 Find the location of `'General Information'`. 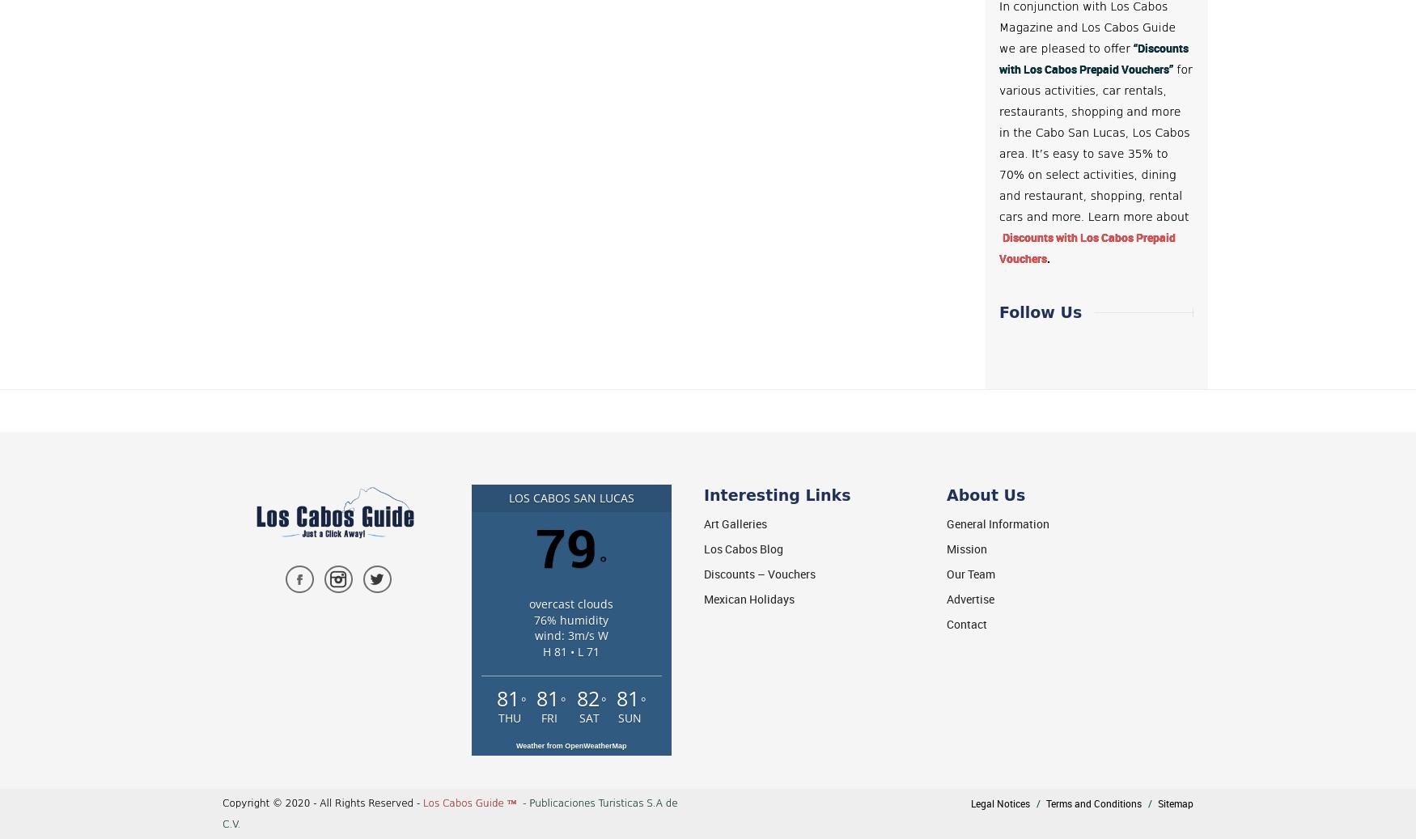

'General Information' is located at coordinates (946, 523).